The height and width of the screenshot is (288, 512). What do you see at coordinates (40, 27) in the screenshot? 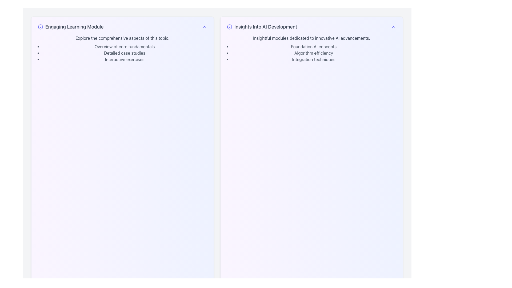
I see `the indigo circular information icon located to the left of the 'Engaging Learning Module' title` at bounding box center [40, 27].